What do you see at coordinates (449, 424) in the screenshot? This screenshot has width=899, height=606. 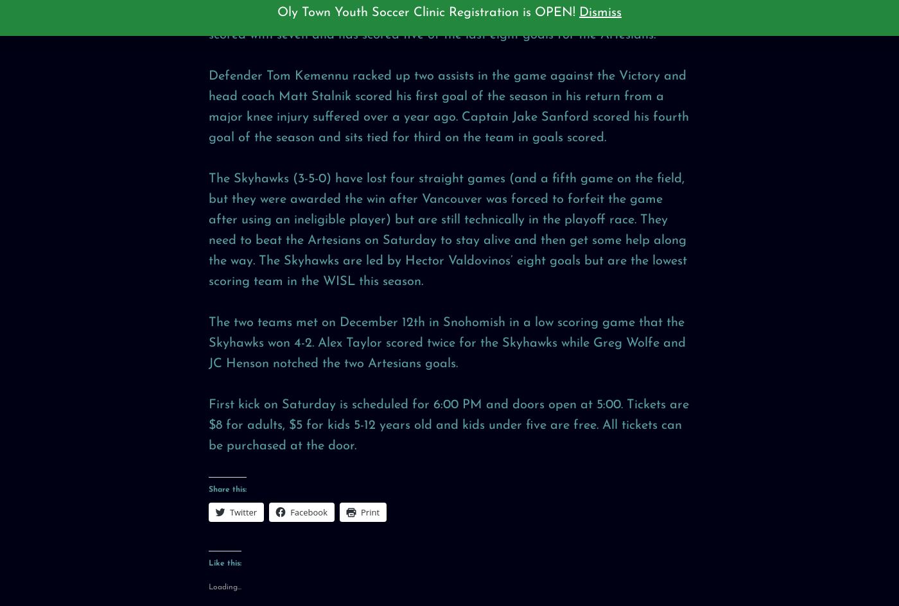 I see `'First kick on Saturday is scheduled for 6:00 PM and doors open at 5:00. Tickets are $8 for adults, $5 for kids 5-12 years old and kids under five are free. All tickets can be purchased at the door.'` at bounding box center [449, 424].